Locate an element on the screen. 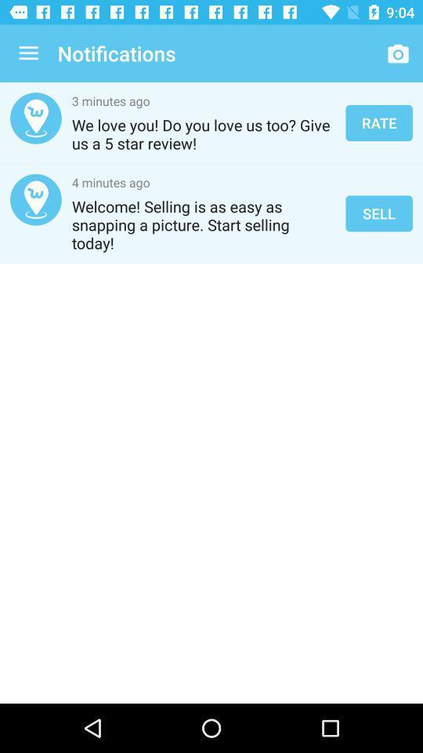 The width and height of the screenshot is (423, 753). we love you item is located at coordinates (204, 133).